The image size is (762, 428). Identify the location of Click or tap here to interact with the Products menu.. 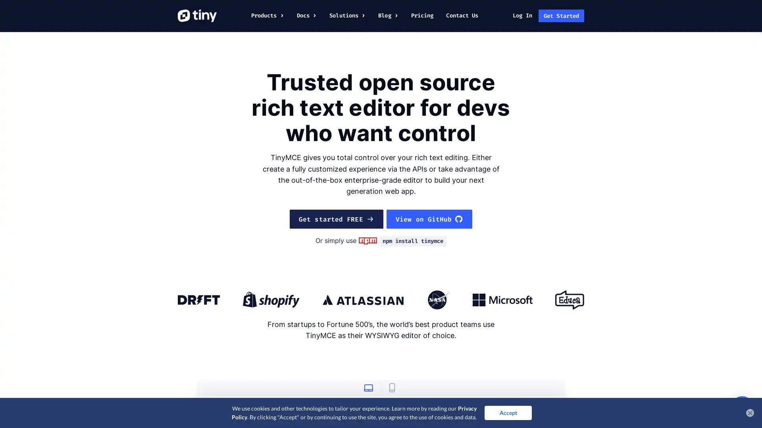
(267, 15).